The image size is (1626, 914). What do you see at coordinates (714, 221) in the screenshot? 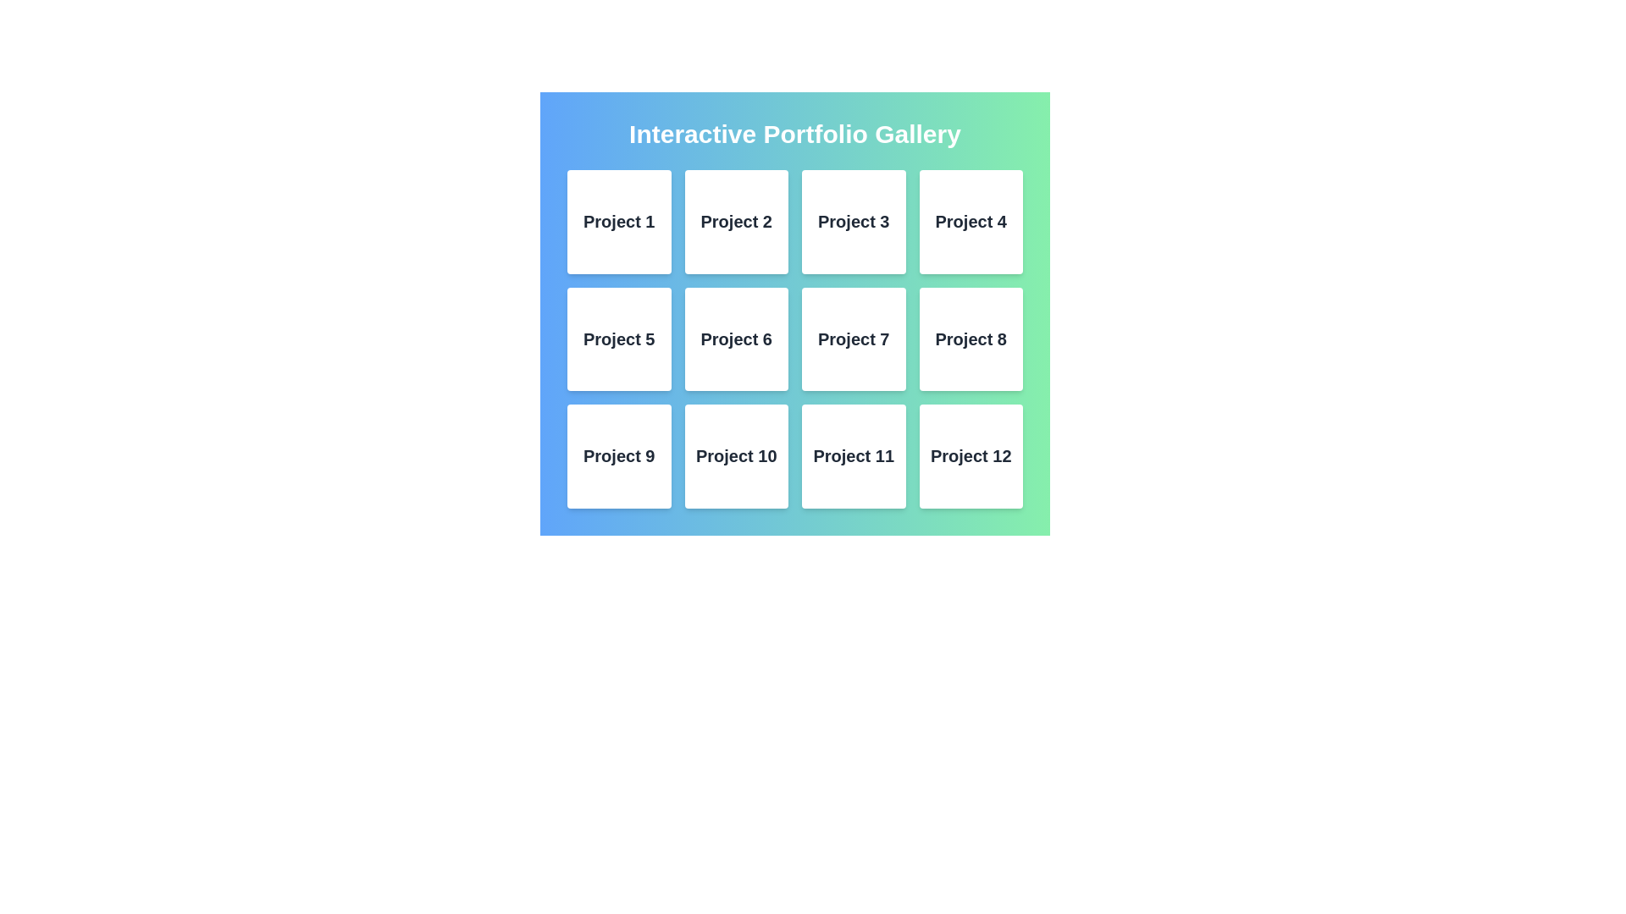
I see `the favorite icon located in the upper-left corner of the 'Project 2' card for accessibility interaction` at bounding box center [714, 221].